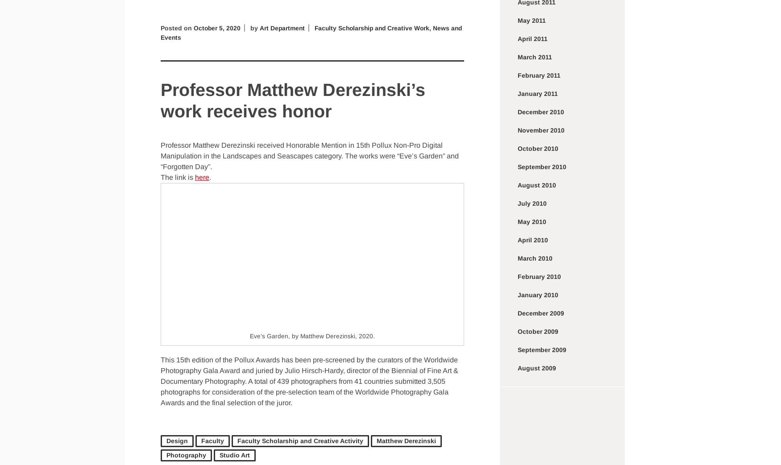 The height and width of the screenshot is (465, 781). What do you see at coordinates (300, 440) in the screenshot?
I see `'Faculty Scholarship and Creative Activity'` at bounding box center [300, 440].